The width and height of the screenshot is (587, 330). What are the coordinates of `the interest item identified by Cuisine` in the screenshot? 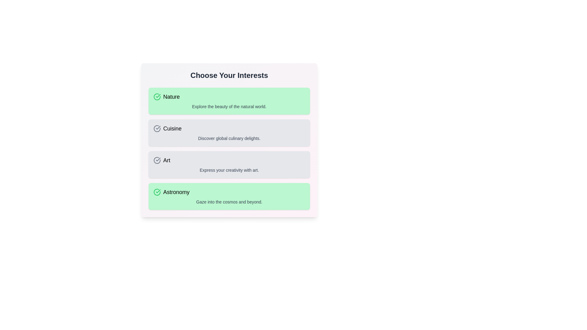 It's located at (229, 133).